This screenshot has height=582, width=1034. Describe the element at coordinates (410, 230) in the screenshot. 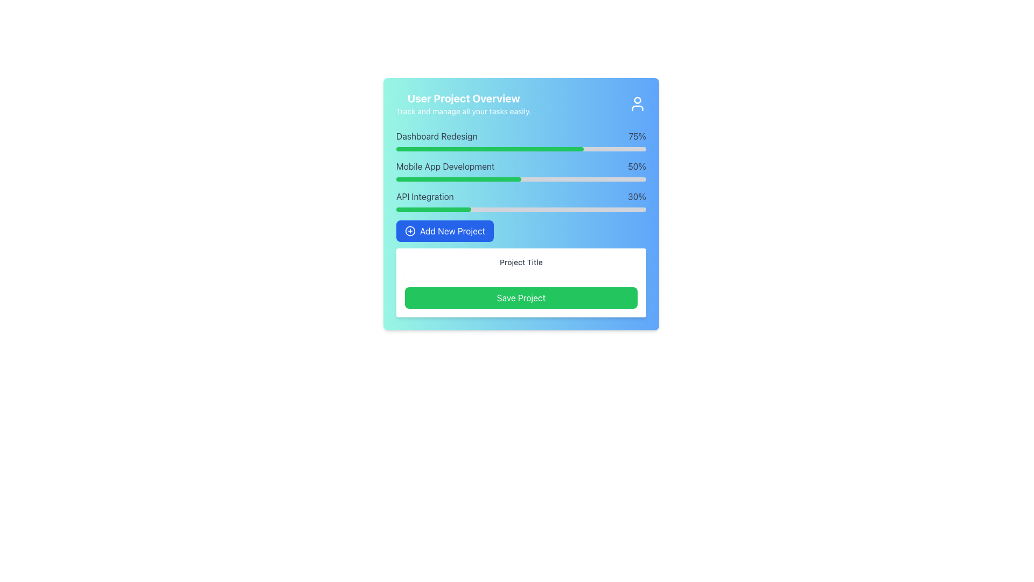

I see `the decorative icon within the 'Add New Project' button located at the bottom portion of the card interface` at that location.